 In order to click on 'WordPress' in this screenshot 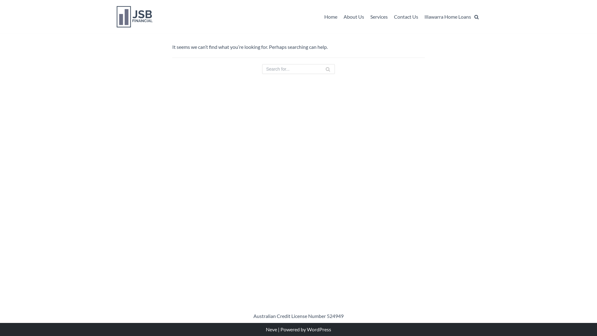, I will do `click(319, 329)`.